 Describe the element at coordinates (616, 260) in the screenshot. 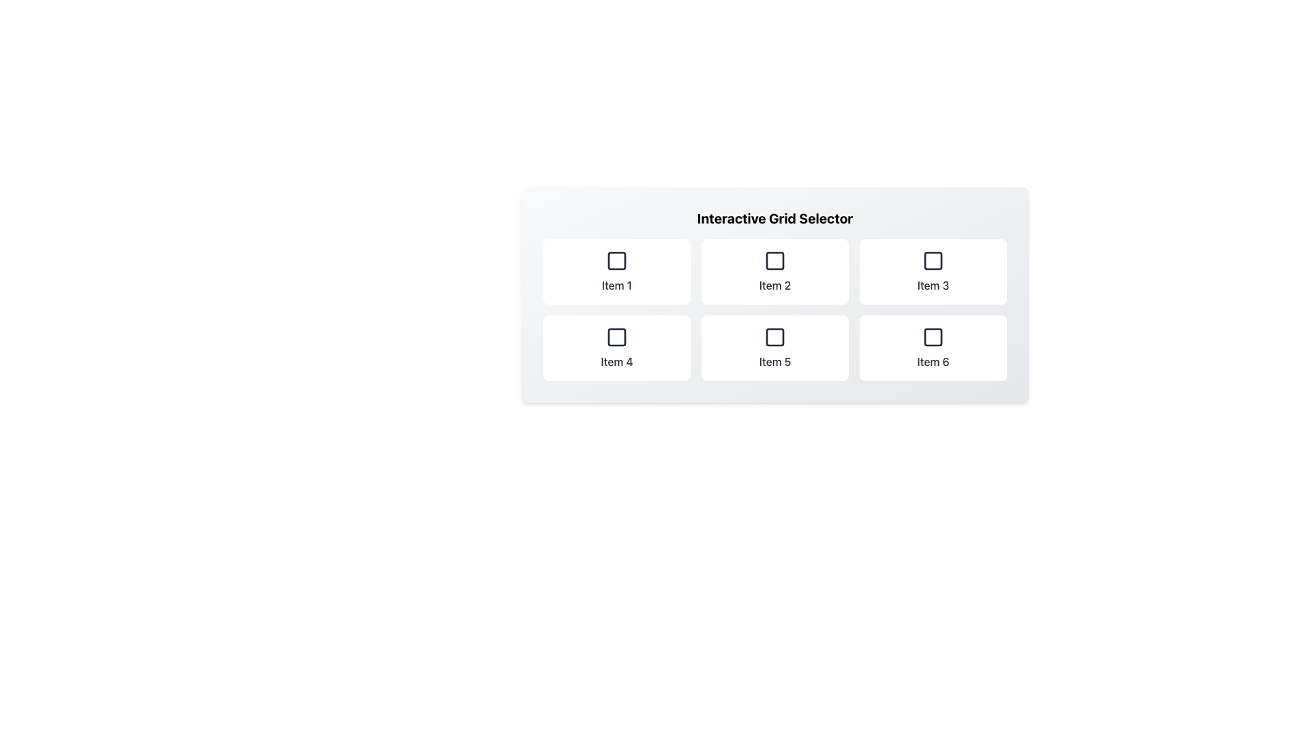

I see `the square icon with a hollow center, which has a black outline and is located above the text label 'Item 1' in the first grid cell` at that location.